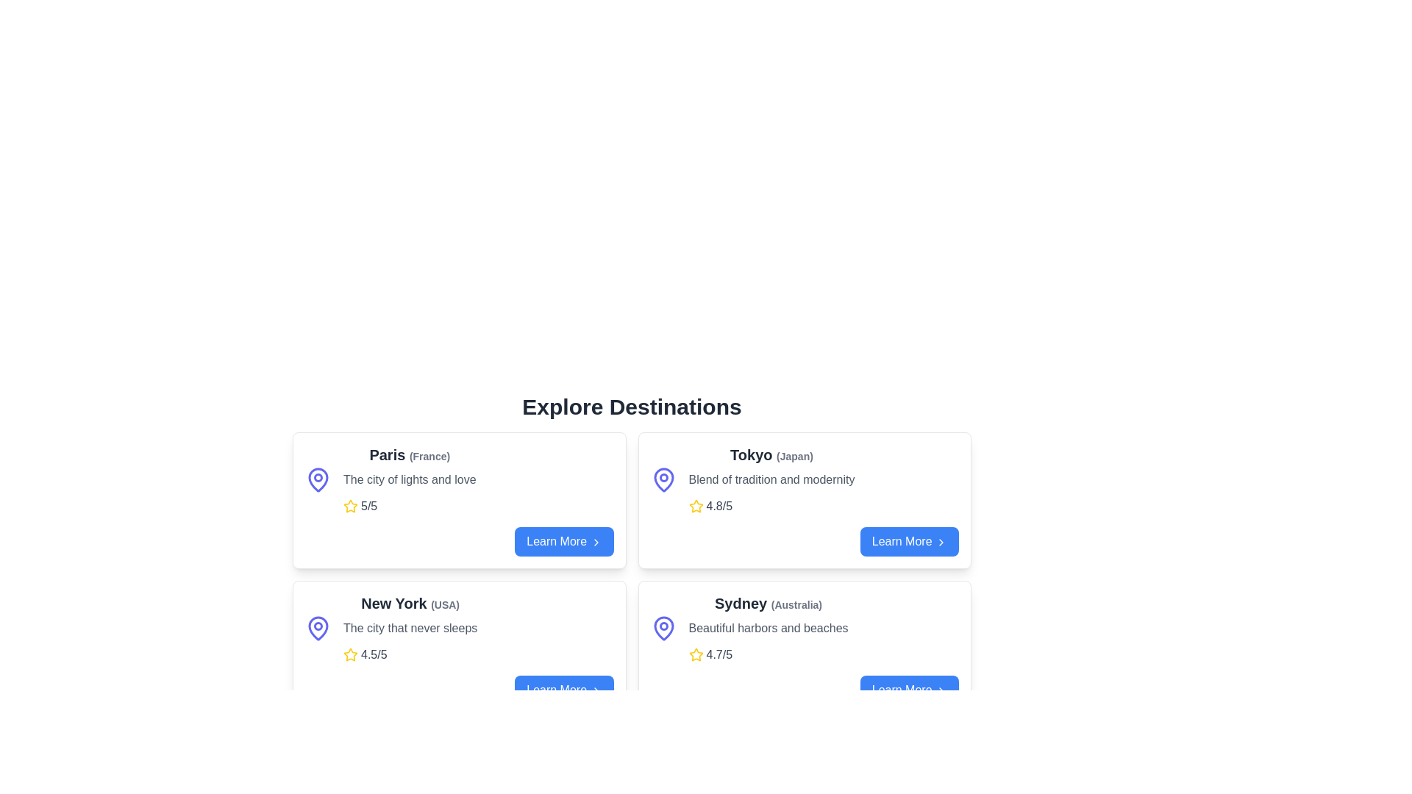 The width and height of the screenshot is (1412, 794). What do you see at coordinates (771, 454) in the screenshot?
I see `the text label indicating 'Tokyo (Japan)' to observe any interactive effects` at bounding box center [771, 454].